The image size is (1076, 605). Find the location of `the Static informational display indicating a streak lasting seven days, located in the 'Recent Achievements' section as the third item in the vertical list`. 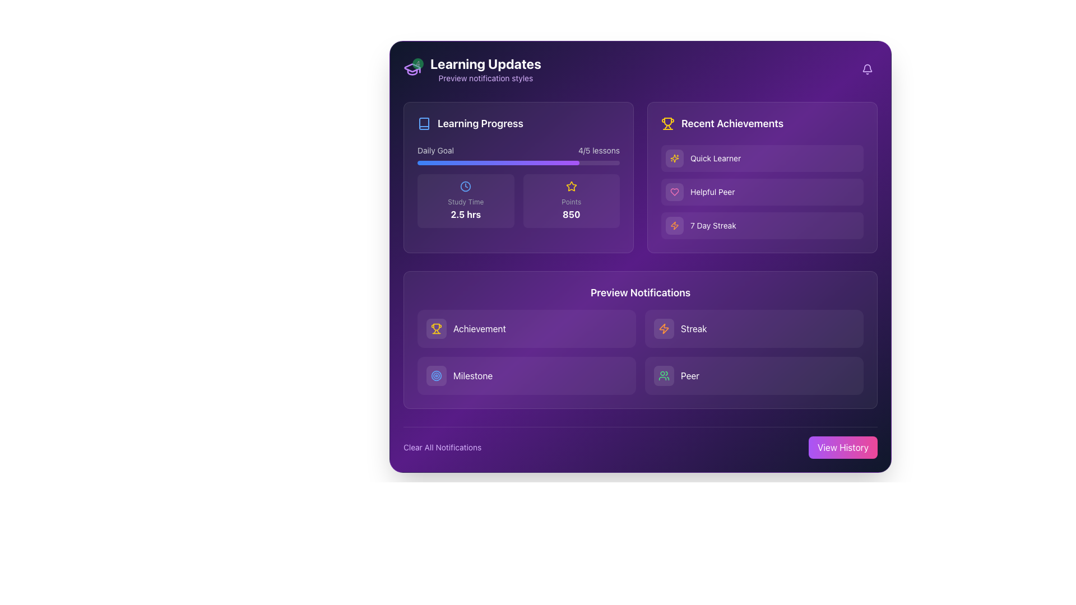

the Static informational display indicating a streak lasting seven days, located in the 'Recent Achievements' section as the third item in the vertical list is located at coordinates (762, 225).